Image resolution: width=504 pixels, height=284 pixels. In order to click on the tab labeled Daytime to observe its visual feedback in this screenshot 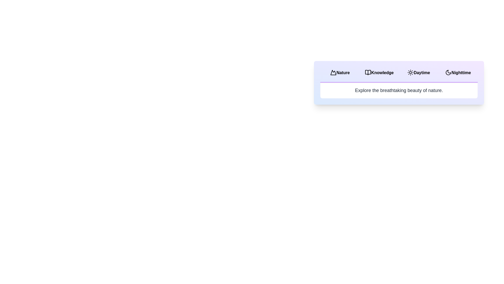, I will do `click(418, 73)`.